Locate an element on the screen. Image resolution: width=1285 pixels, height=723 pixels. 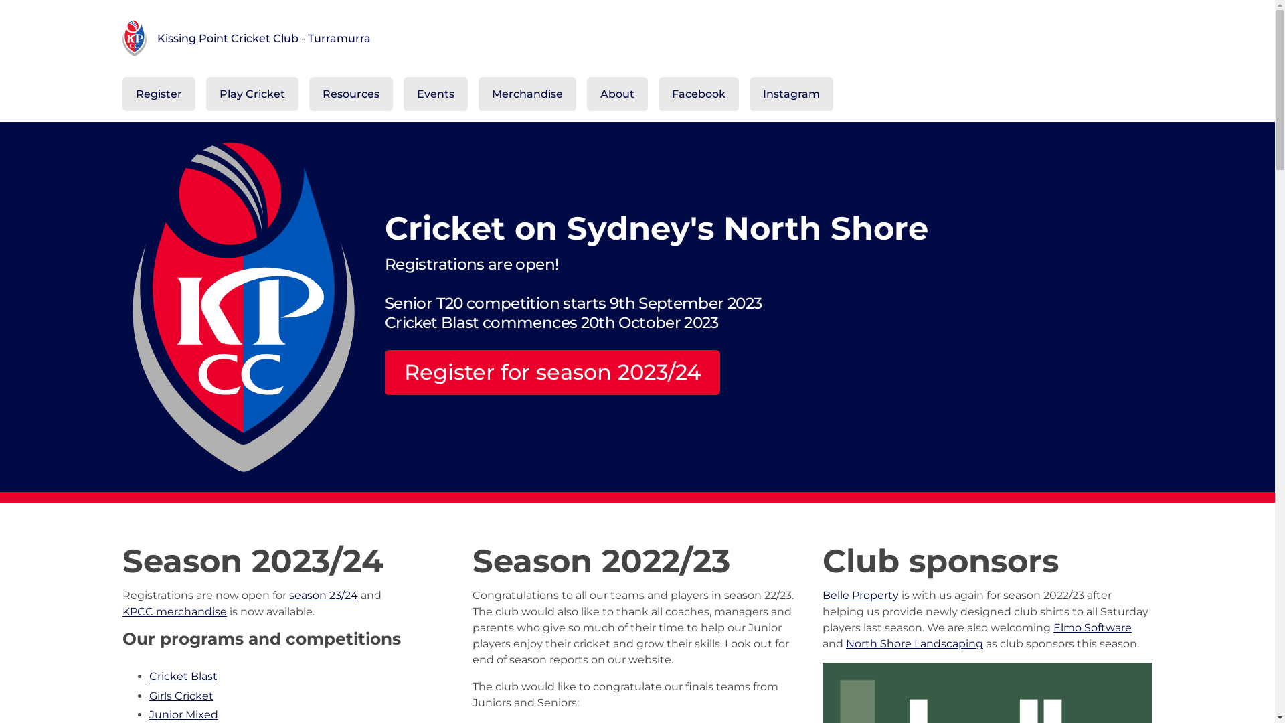
'Facebook' is located at coordinates (697, 93).